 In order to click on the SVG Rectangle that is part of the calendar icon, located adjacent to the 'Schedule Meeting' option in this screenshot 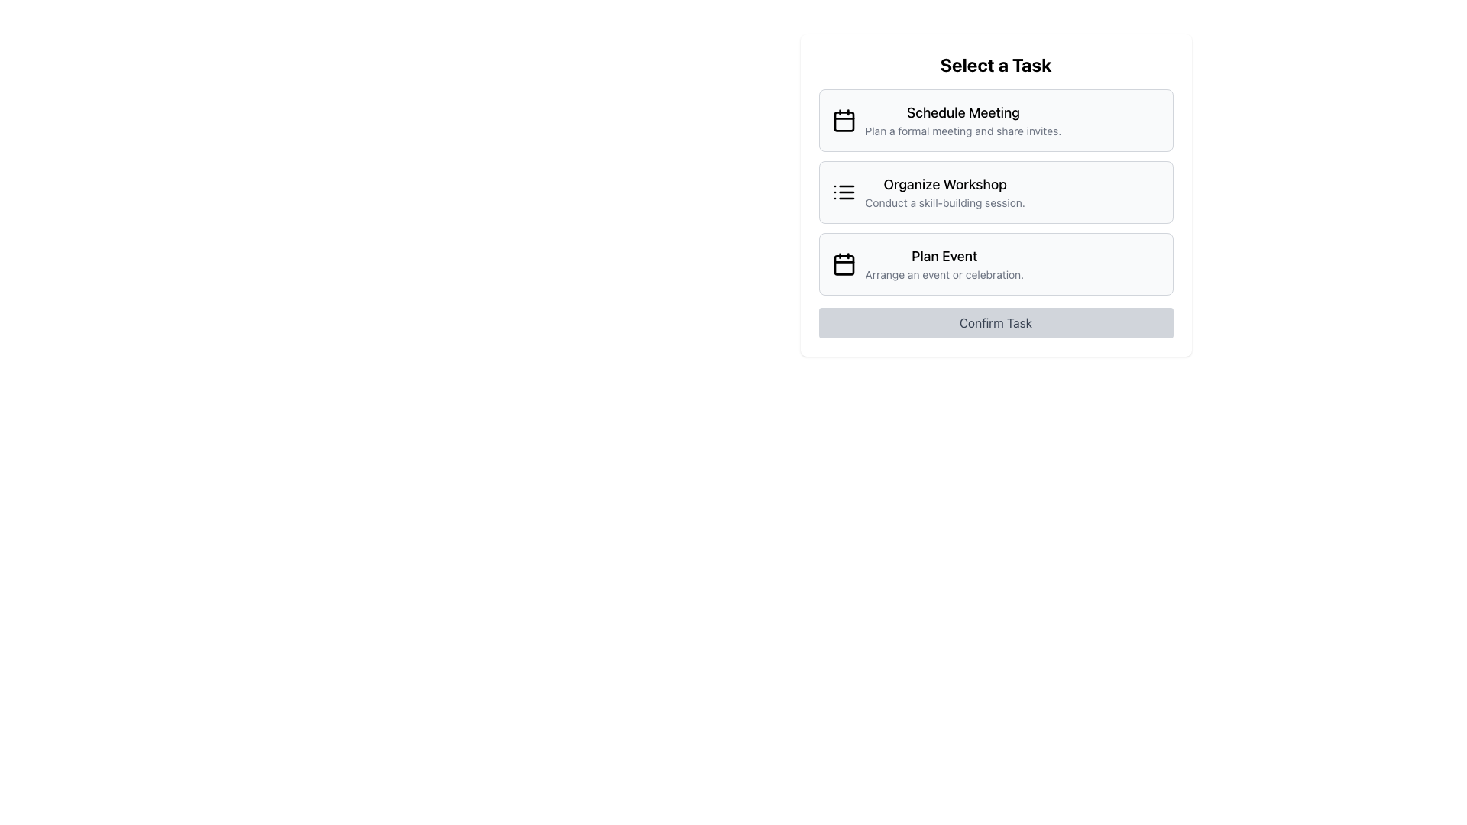, I will do `click(843, 121)`.